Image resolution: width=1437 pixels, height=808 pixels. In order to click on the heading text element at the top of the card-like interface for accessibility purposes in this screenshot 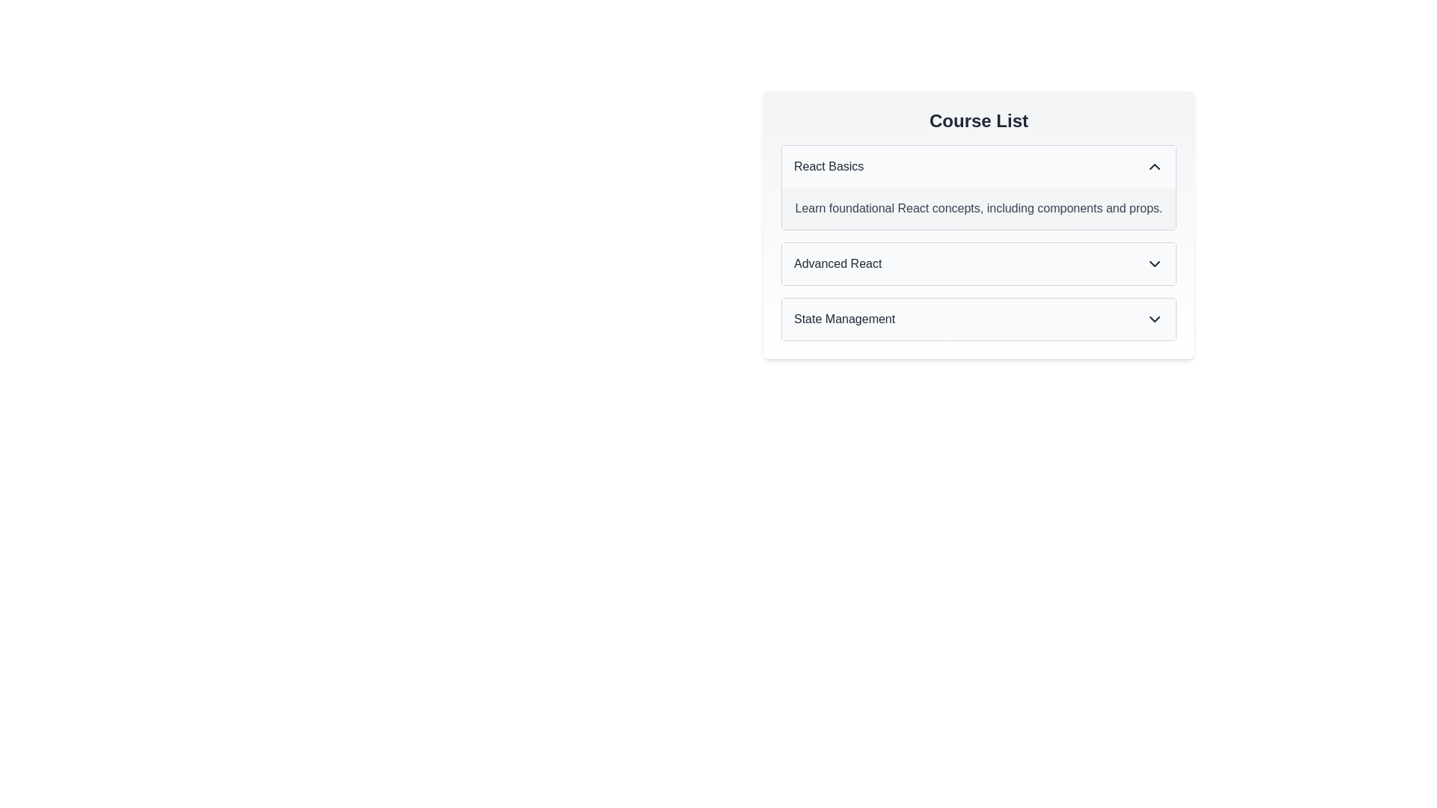, I will do `click(979, 120)`.